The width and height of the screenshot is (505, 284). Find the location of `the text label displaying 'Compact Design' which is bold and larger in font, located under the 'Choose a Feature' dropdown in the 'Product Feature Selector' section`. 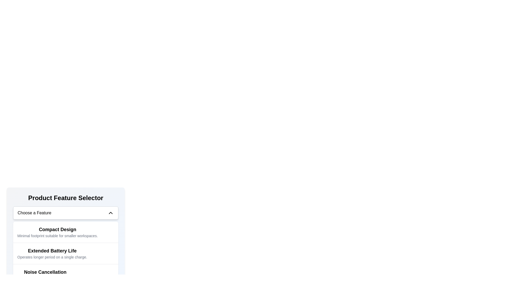

the text label displaying 'Compact Design' which is bold and larger in font, located under the 'Choose a Feature' dropdown in the 'Product Feature Selector' section is located at coordinates (57, 229).